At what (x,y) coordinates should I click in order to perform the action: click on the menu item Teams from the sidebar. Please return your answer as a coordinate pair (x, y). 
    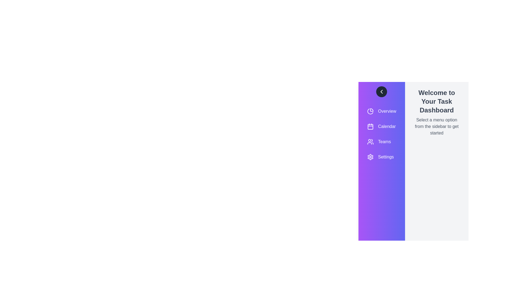
    Looking at the image, I should click on (381, 141).